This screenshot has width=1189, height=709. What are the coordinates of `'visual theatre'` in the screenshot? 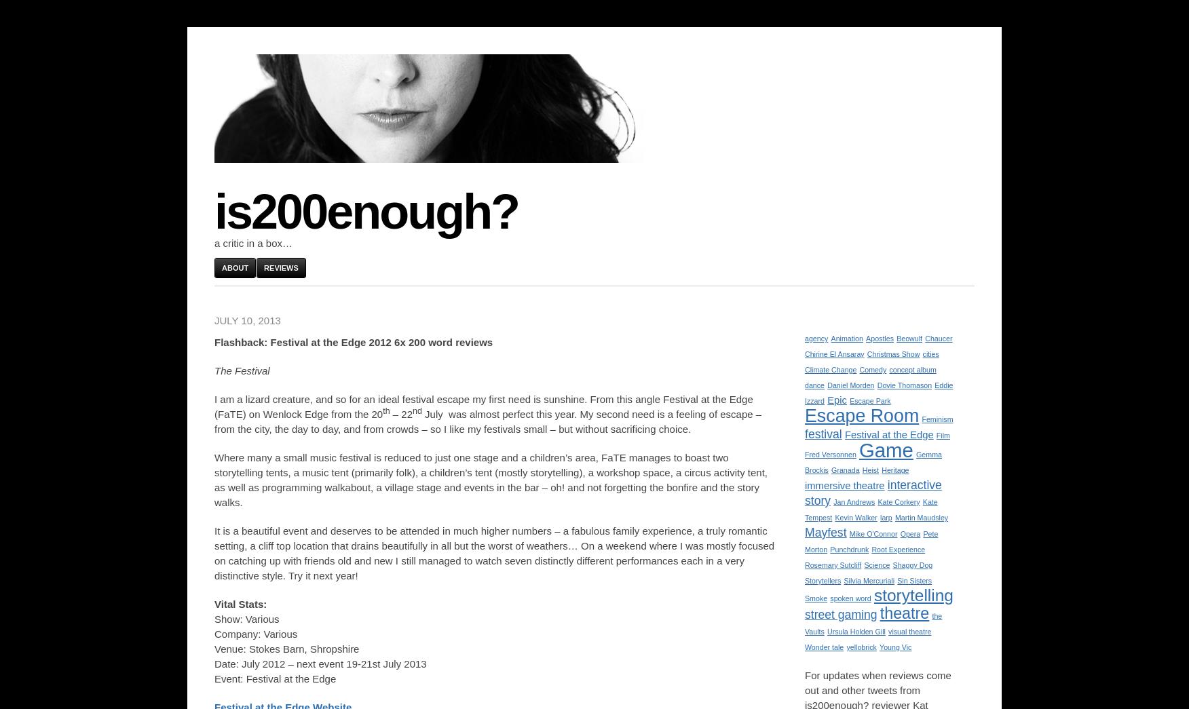 It's located at (909, 630).